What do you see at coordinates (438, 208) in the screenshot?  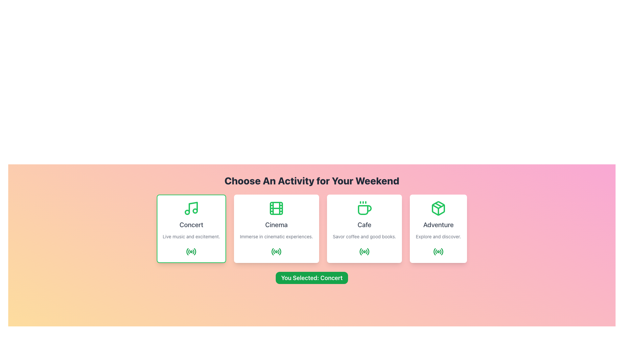 I see `the green outlined package icon located at the top of the 'Adventure' activity card, which is the fourth card from the left in the selection interface` at bounding box center [438, 208].